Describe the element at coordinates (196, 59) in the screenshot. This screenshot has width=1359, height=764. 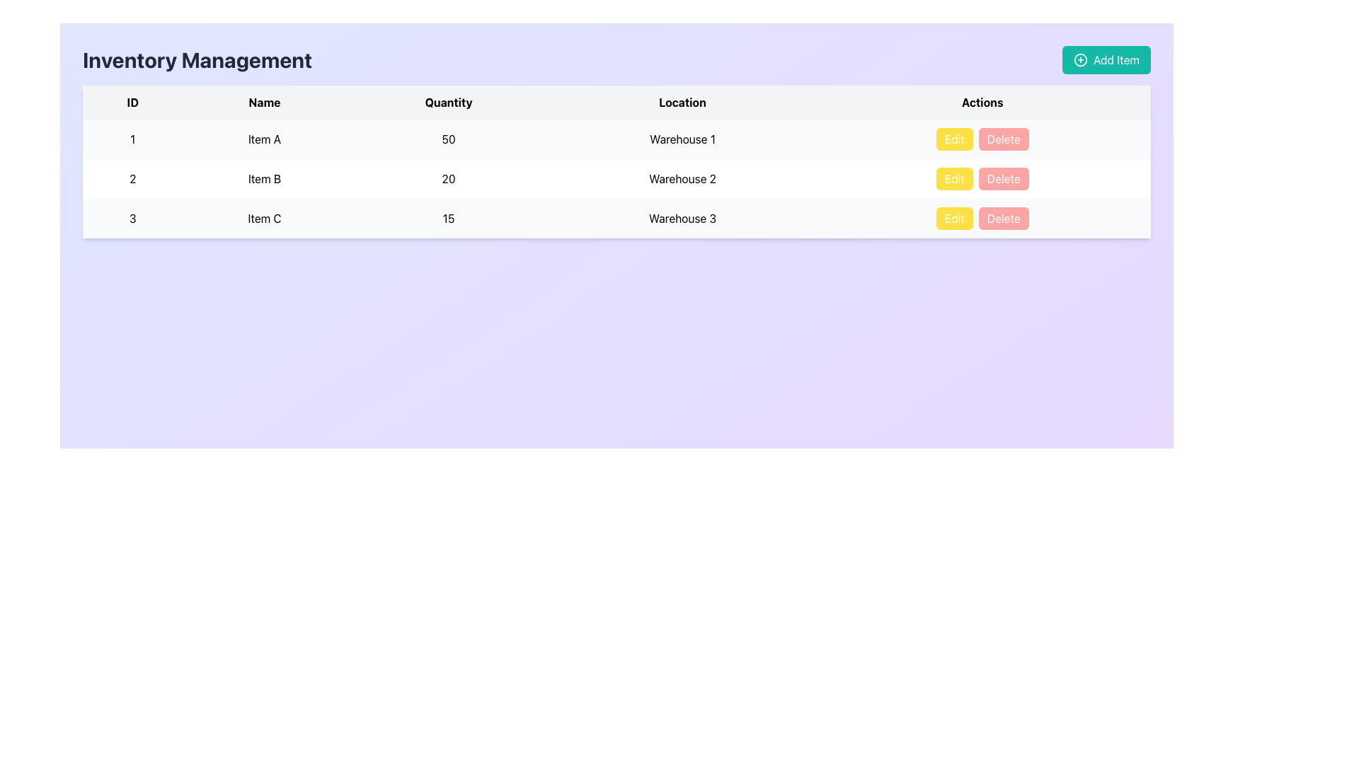
I see `the static text label that identifies the section as 'Inventory Management' located in the header row above the content table` at that location.